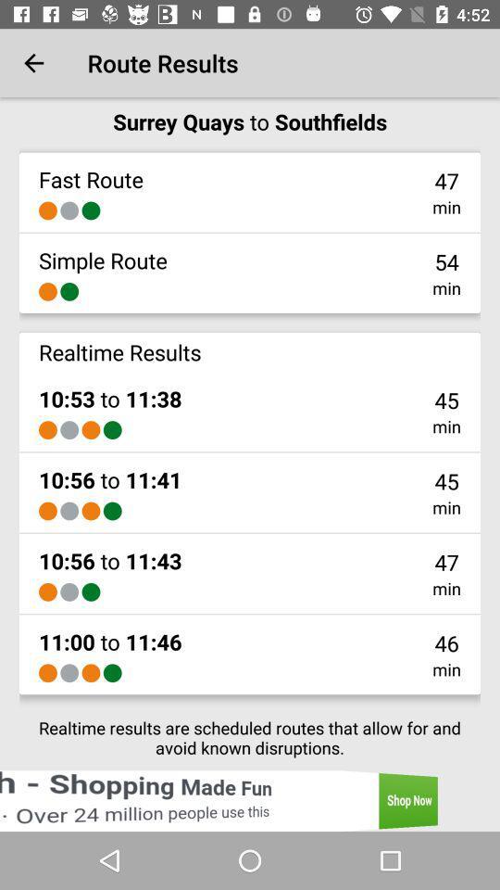  I want to click on the item to the left of min, so click(112, 672).